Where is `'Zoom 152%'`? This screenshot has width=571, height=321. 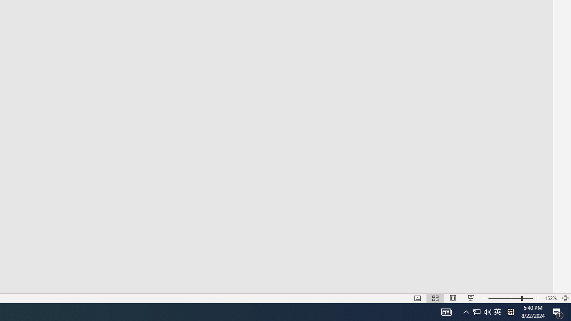
'Zoom 152%' is located at coordinates (550, 298).